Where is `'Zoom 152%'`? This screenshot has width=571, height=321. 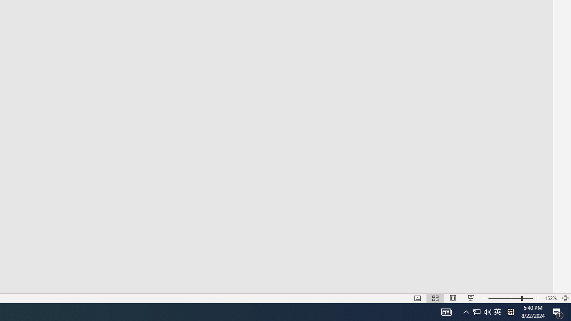
'Zoom 152%' is located at coordinates (550, 298).